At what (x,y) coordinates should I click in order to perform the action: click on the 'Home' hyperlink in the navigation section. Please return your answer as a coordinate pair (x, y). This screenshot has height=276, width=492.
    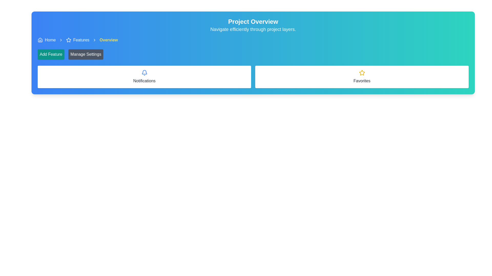
    Looking at the image, I should click on (50, 40).